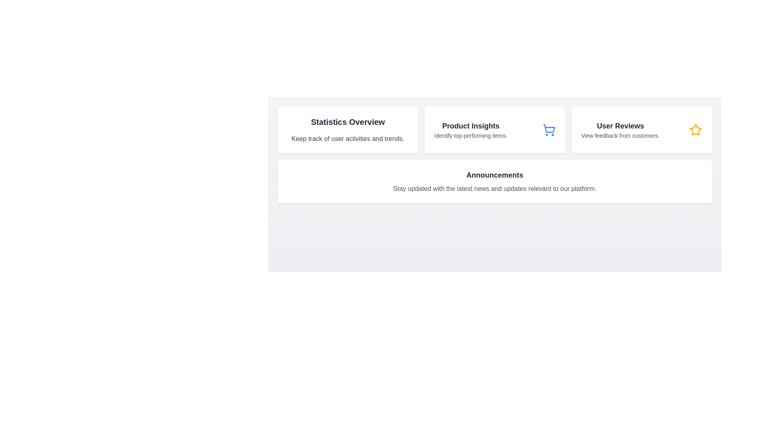  Describe the element at coordinates (620, 130) in the screenshot. I see `information presented in the 'User Reviews' text block, which includes the bold title 'User Reviews' and the subtitle 'View feedback from customers.'` at that location.